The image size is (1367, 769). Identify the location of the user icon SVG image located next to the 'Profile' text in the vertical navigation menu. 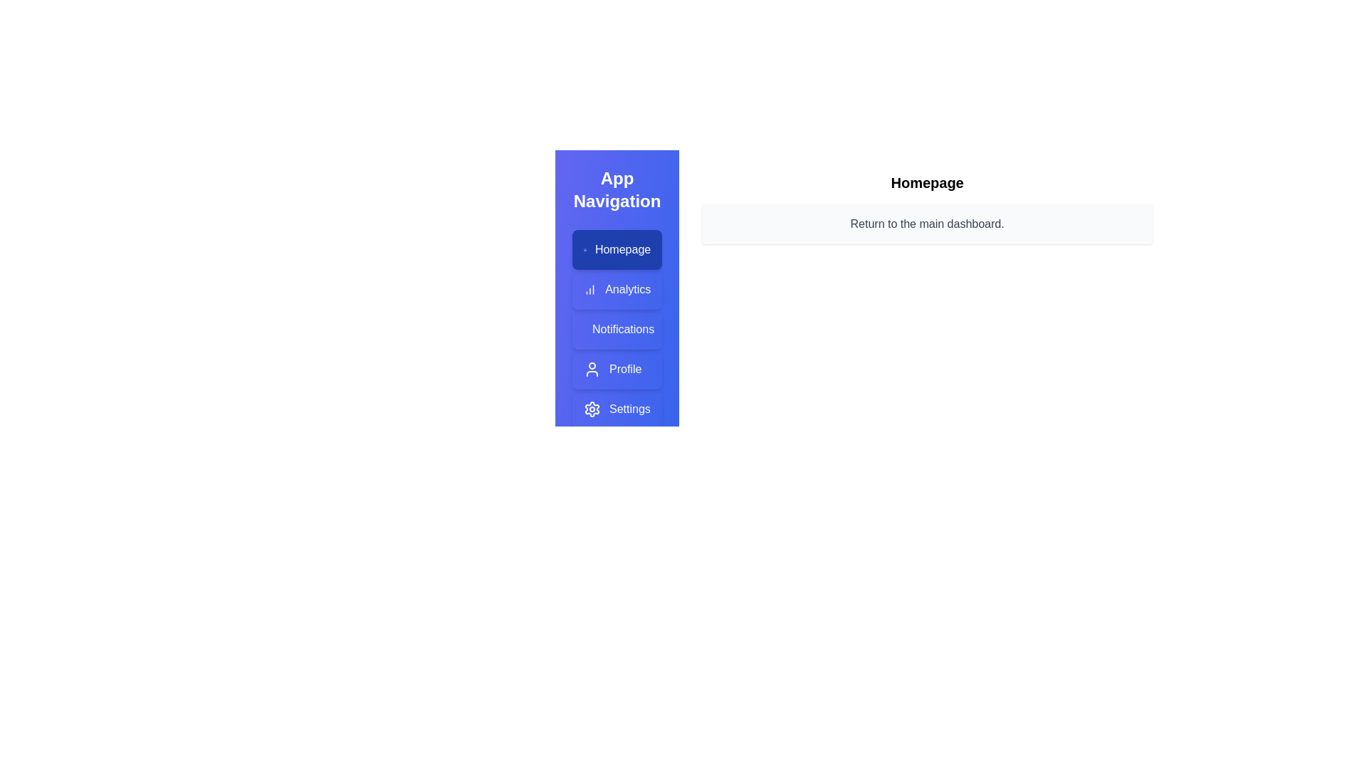
(592, 369).